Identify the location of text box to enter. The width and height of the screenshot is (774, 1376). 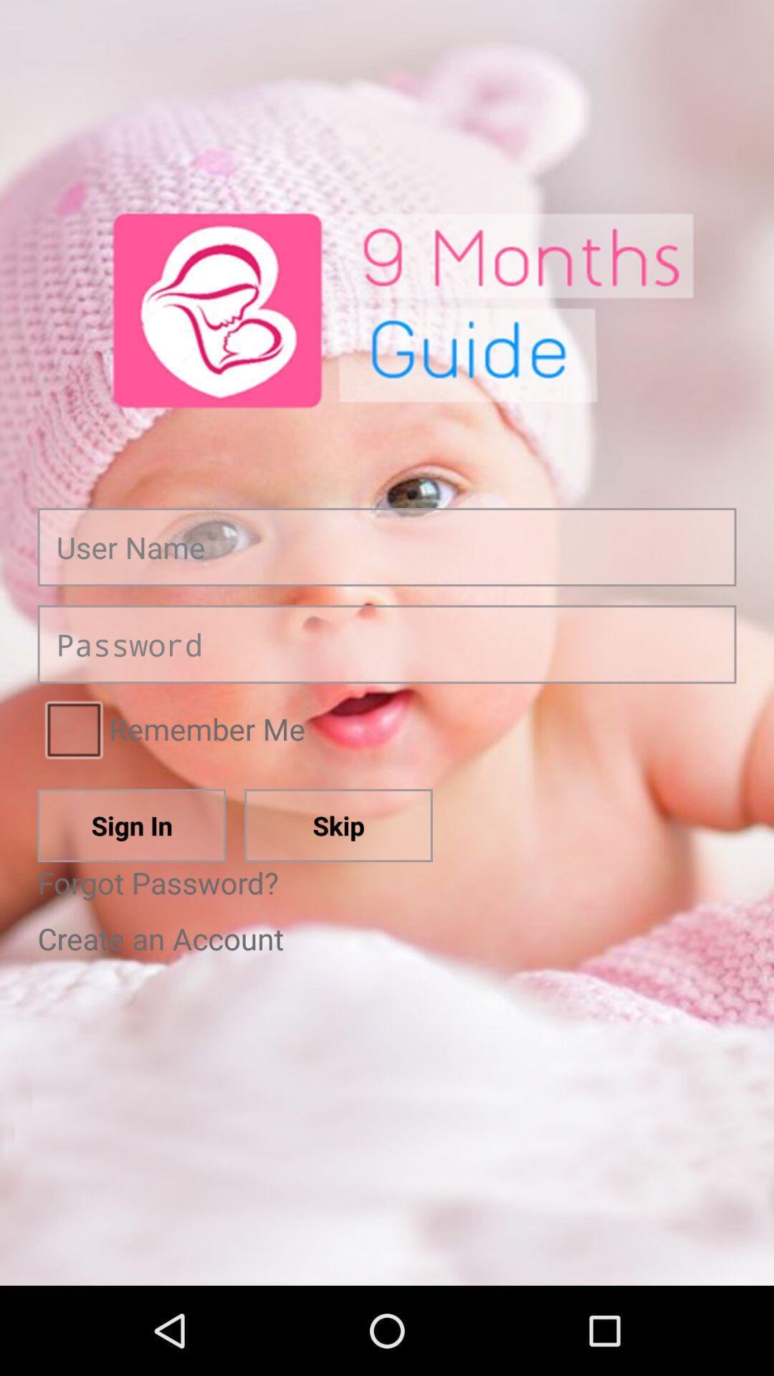
(387, 546).